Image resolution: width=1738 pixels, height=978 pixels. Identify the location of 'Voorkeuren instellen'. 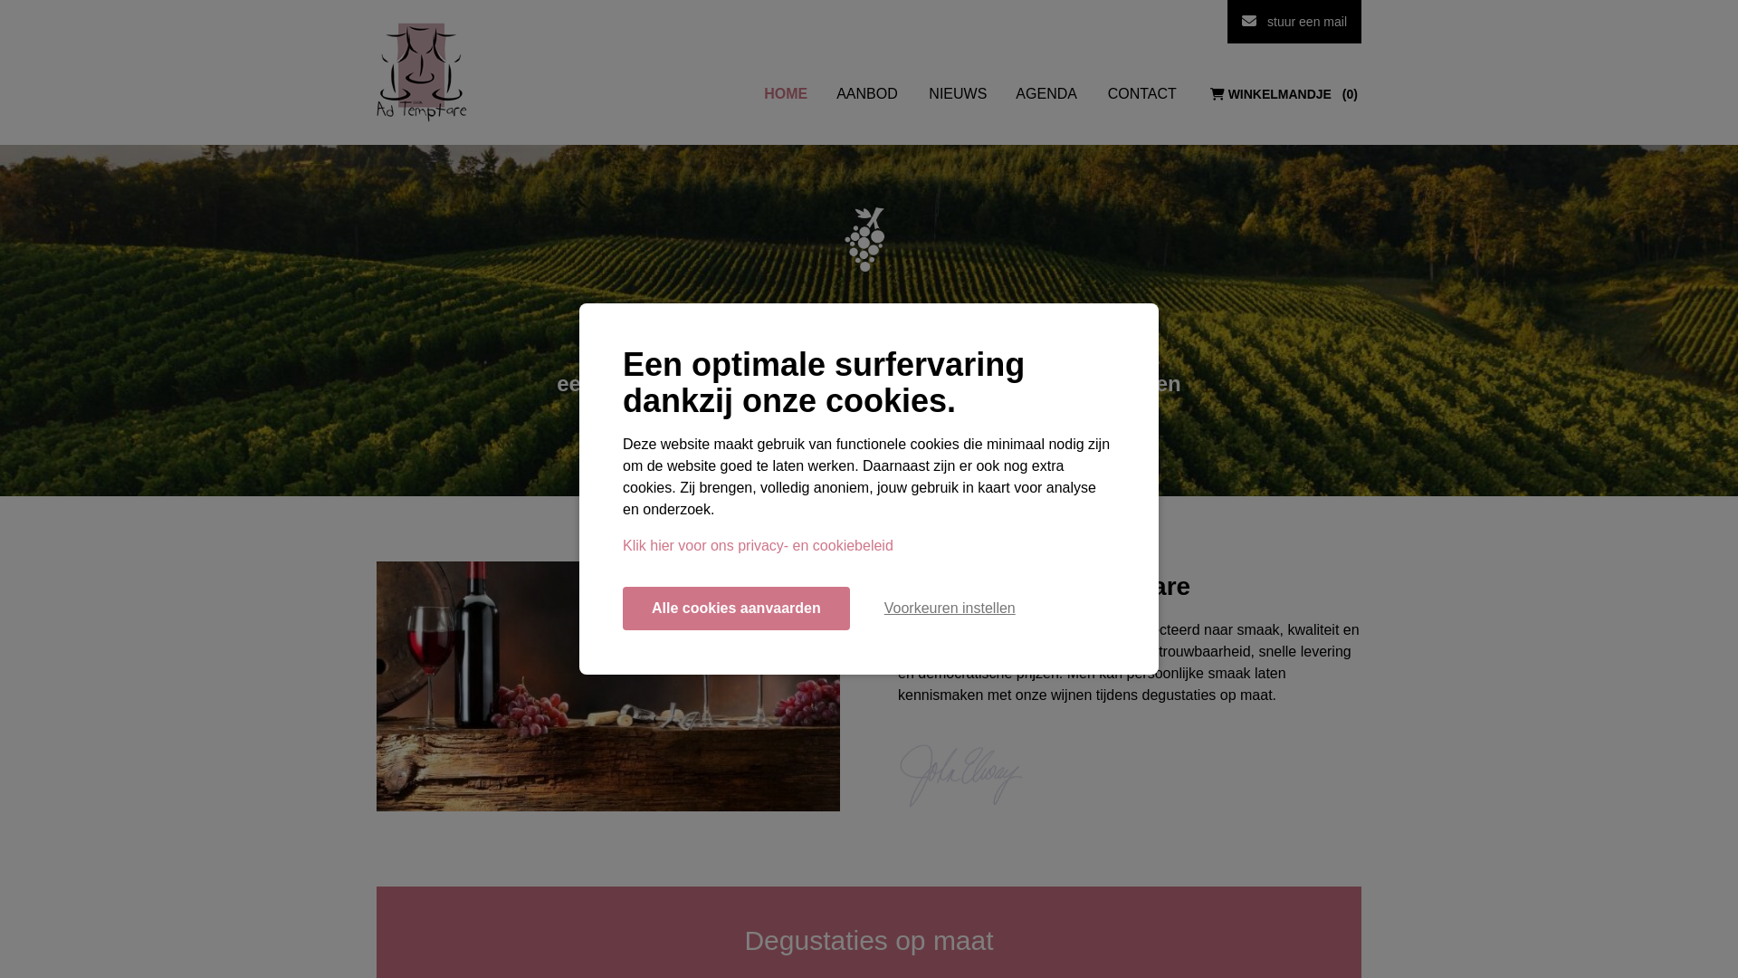
(949, 608).